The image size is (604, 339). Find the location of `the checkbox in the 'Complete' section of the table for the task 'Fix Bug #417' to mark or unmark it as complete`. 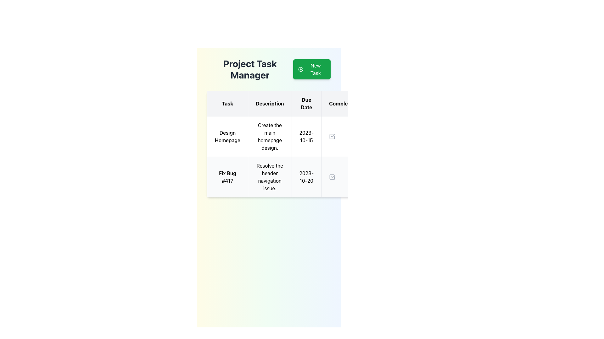

the checkbox in the 'Complete' section of the table for the task 'Fix Bug #417' to mark or unmark it as complete is located at coordinates (340, 177).